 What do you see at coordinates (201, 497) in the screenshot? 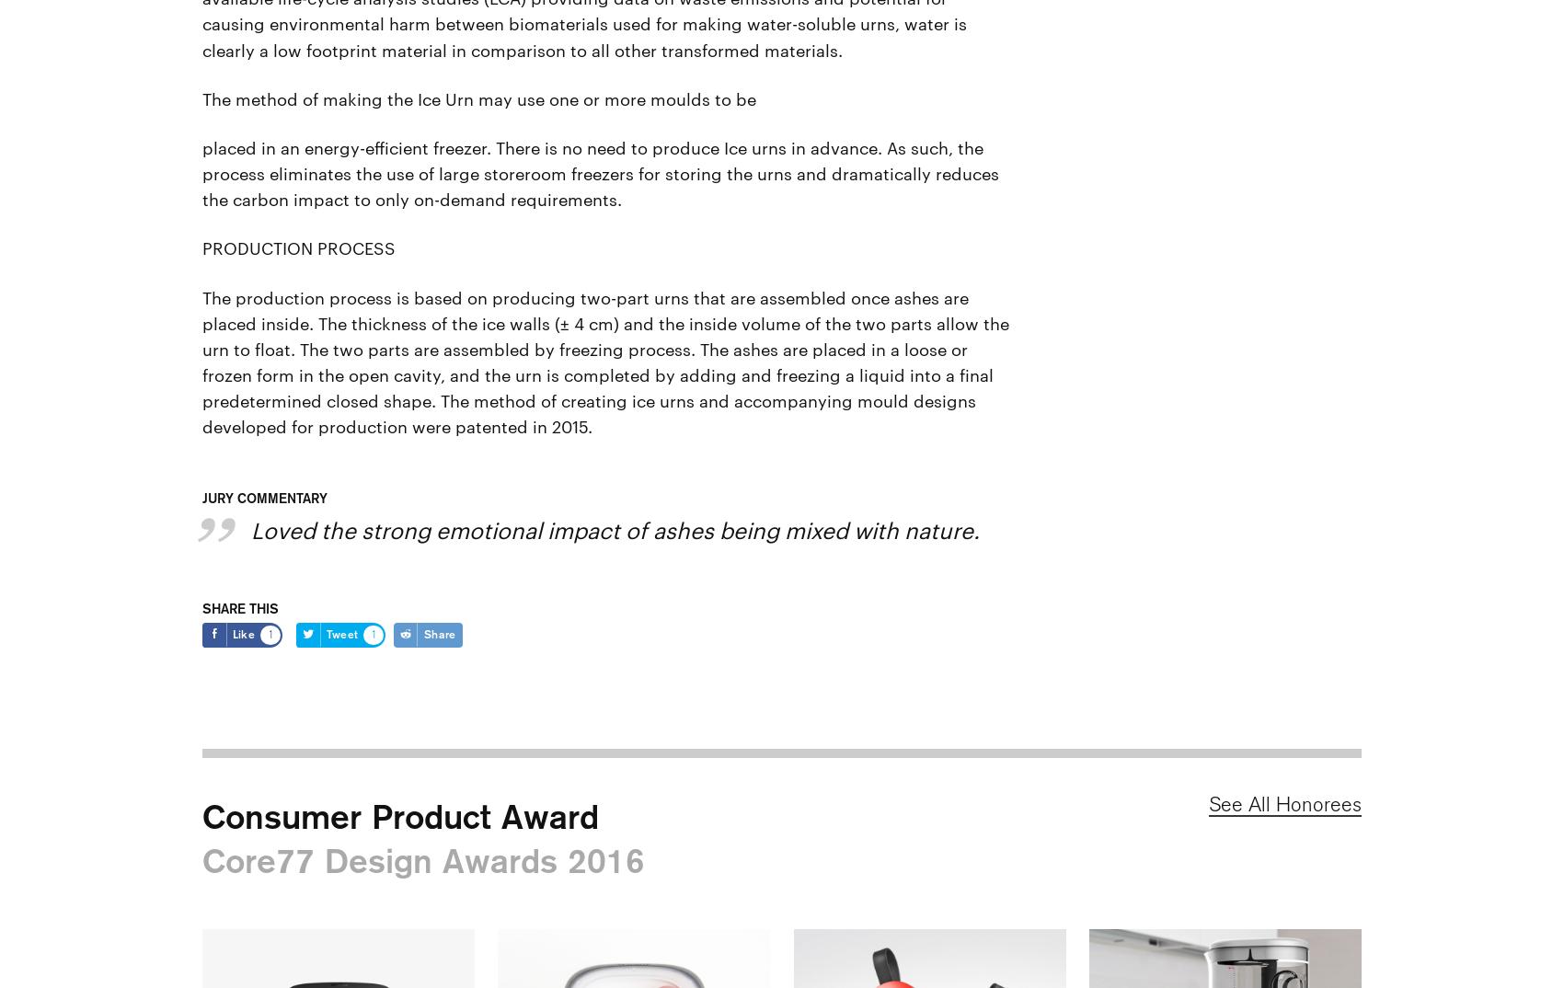
I see `'Jury Commentary'` at bounding box center [201, 497].